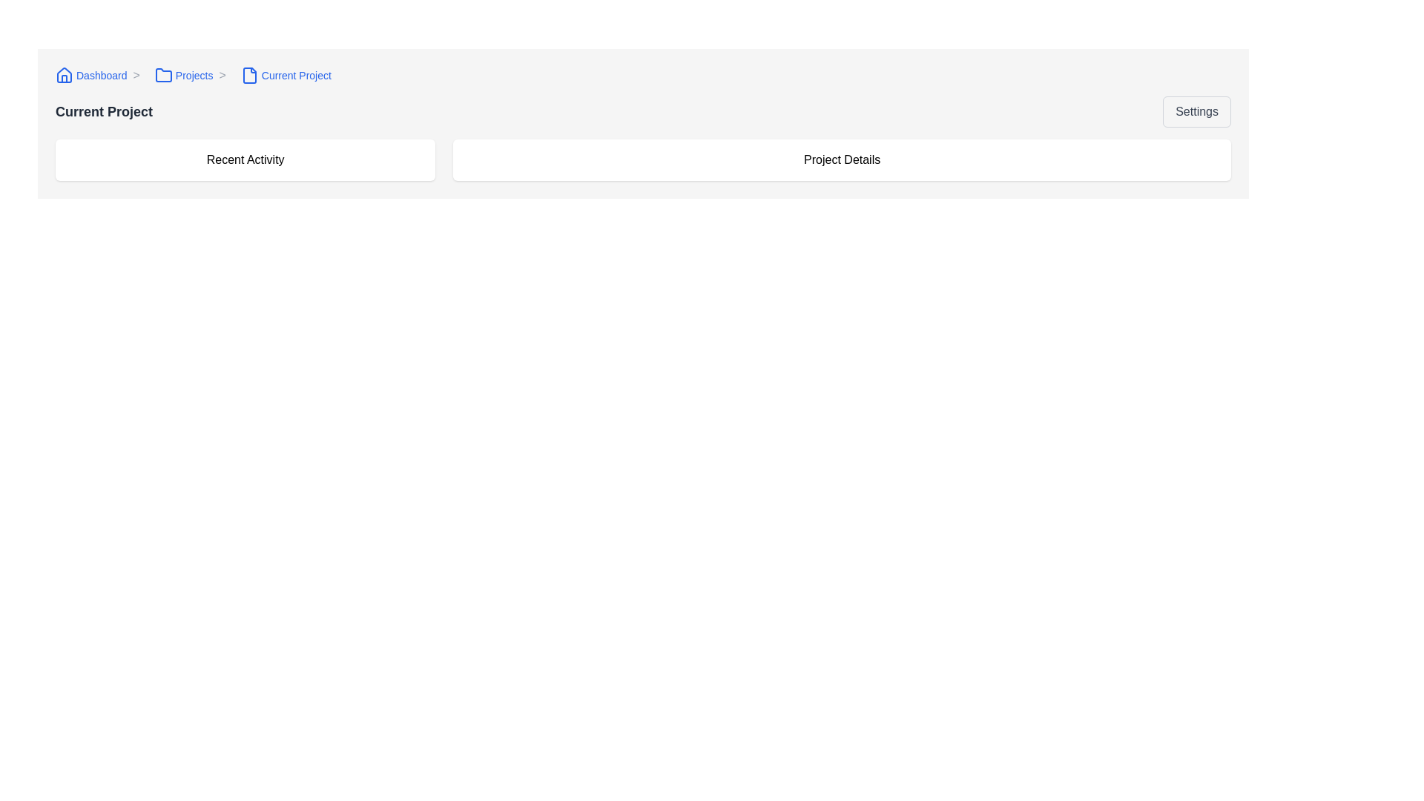 The image size is (1424, 801). I want to click on the stylized blue house icon located in the breadcrumb navigation bar, so click(63, 75).